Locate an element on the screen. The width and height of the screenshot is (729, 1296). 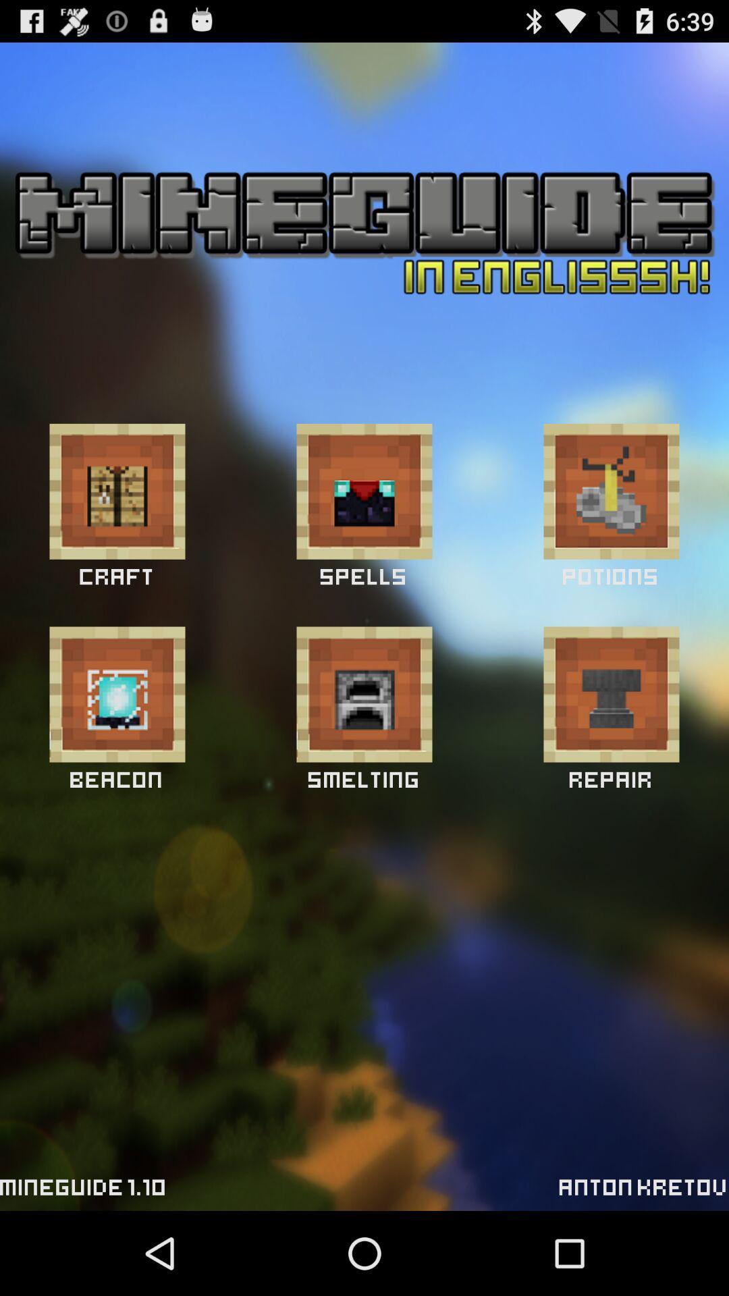
icon below potions icon is located at coordinates (612, 694).